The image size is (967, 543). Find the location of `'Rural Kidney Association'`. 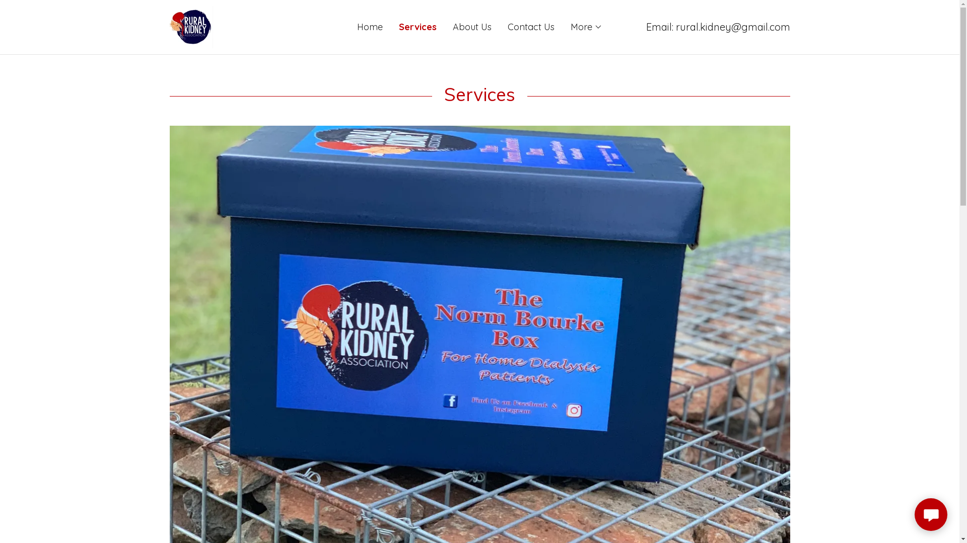

'Rural Kidney Association' is located at coordinates (191, 26).